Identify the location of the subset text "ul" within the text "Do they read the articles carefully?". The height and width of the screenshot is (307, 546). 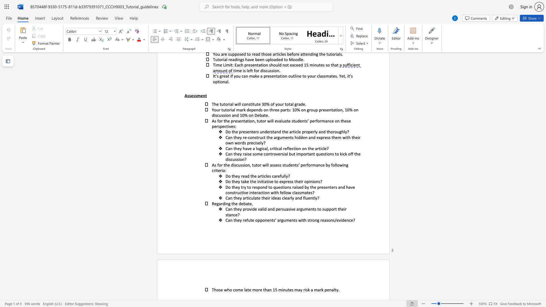
(281, 176).